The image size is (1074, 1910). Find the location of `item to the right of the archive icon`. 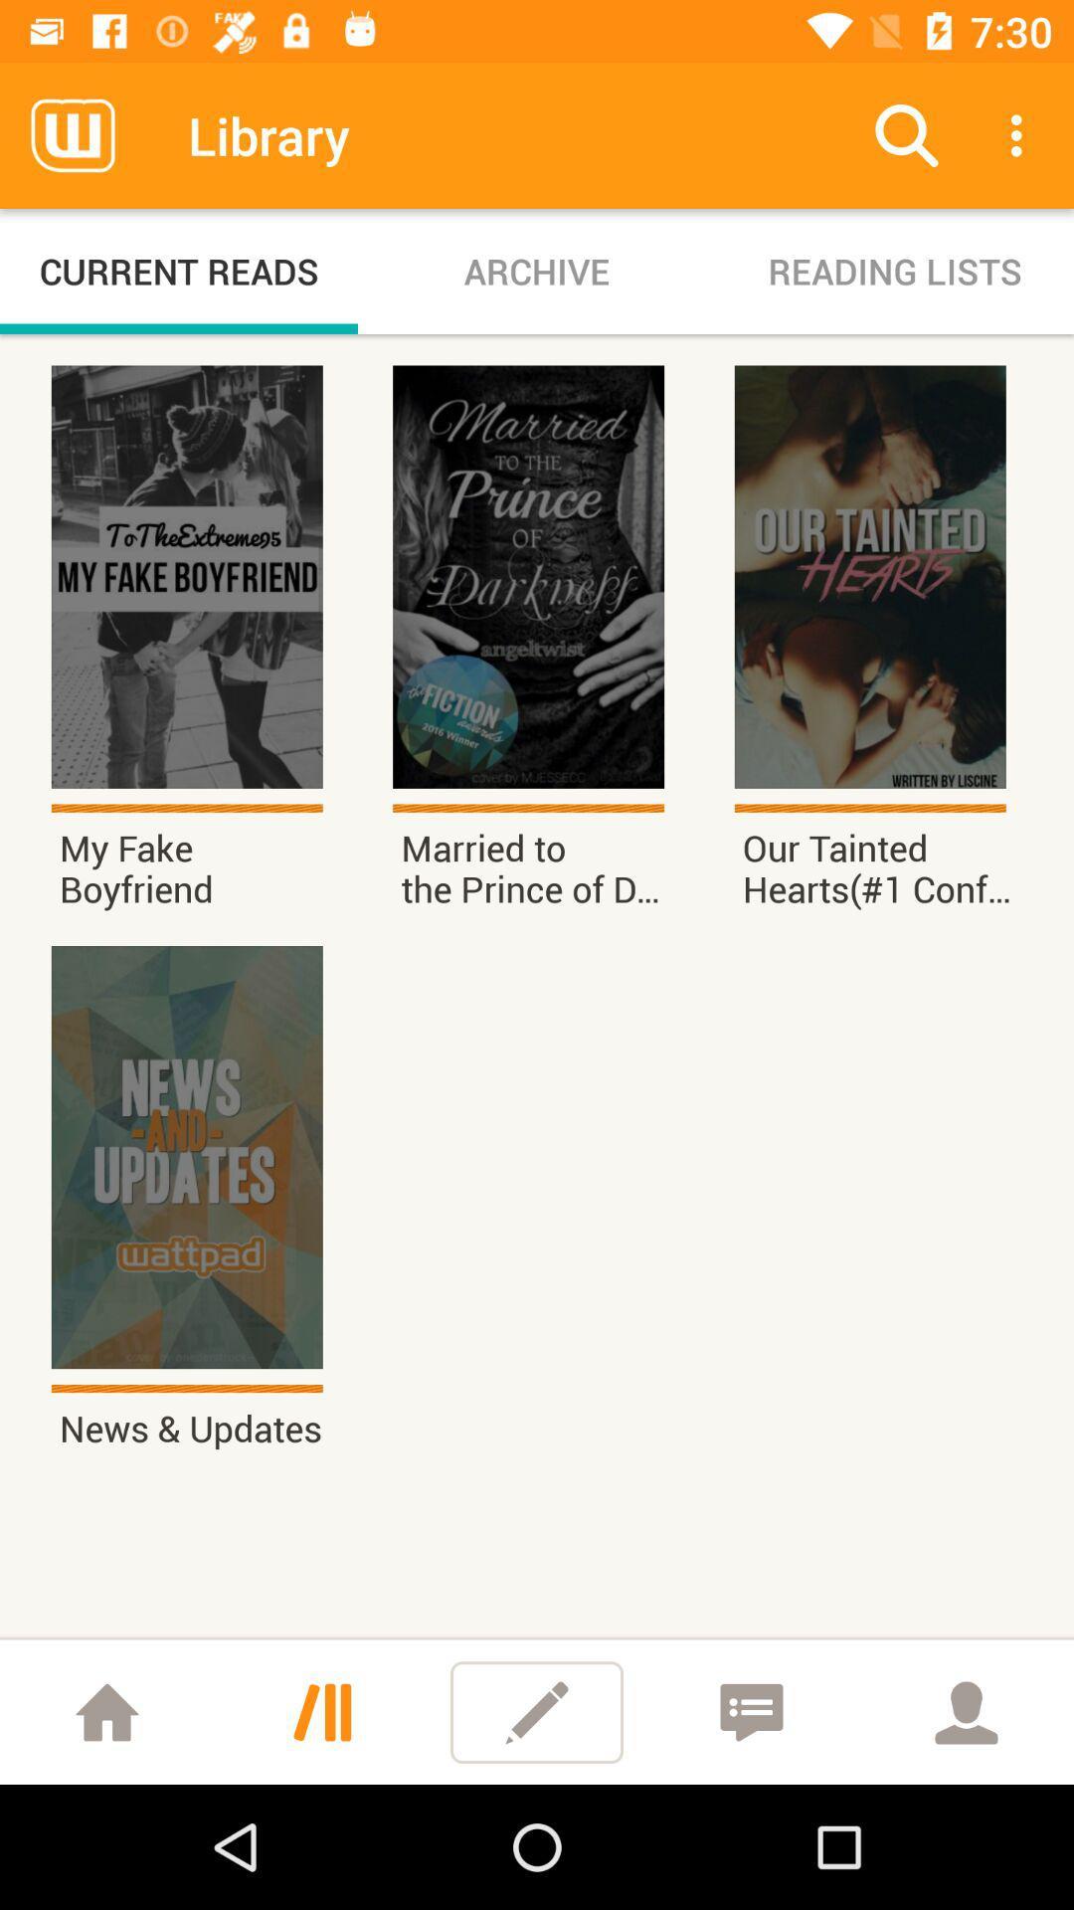

item to the right of the archive icon is located at coordinates (893, 271).